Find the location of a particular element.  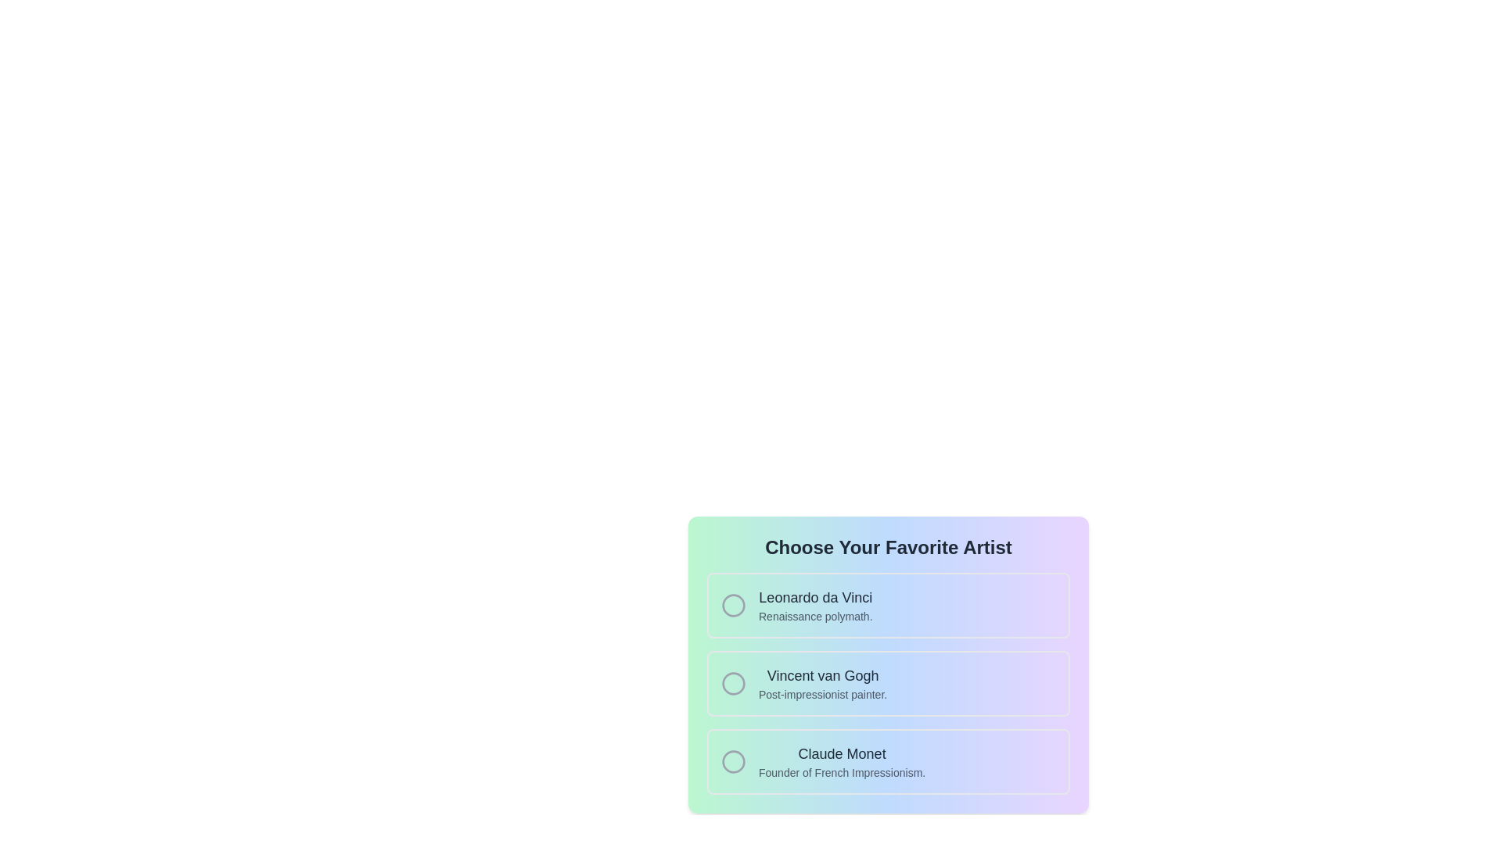

the circular radio button for 'Claude Monet' is located at coordinates (732, 761).